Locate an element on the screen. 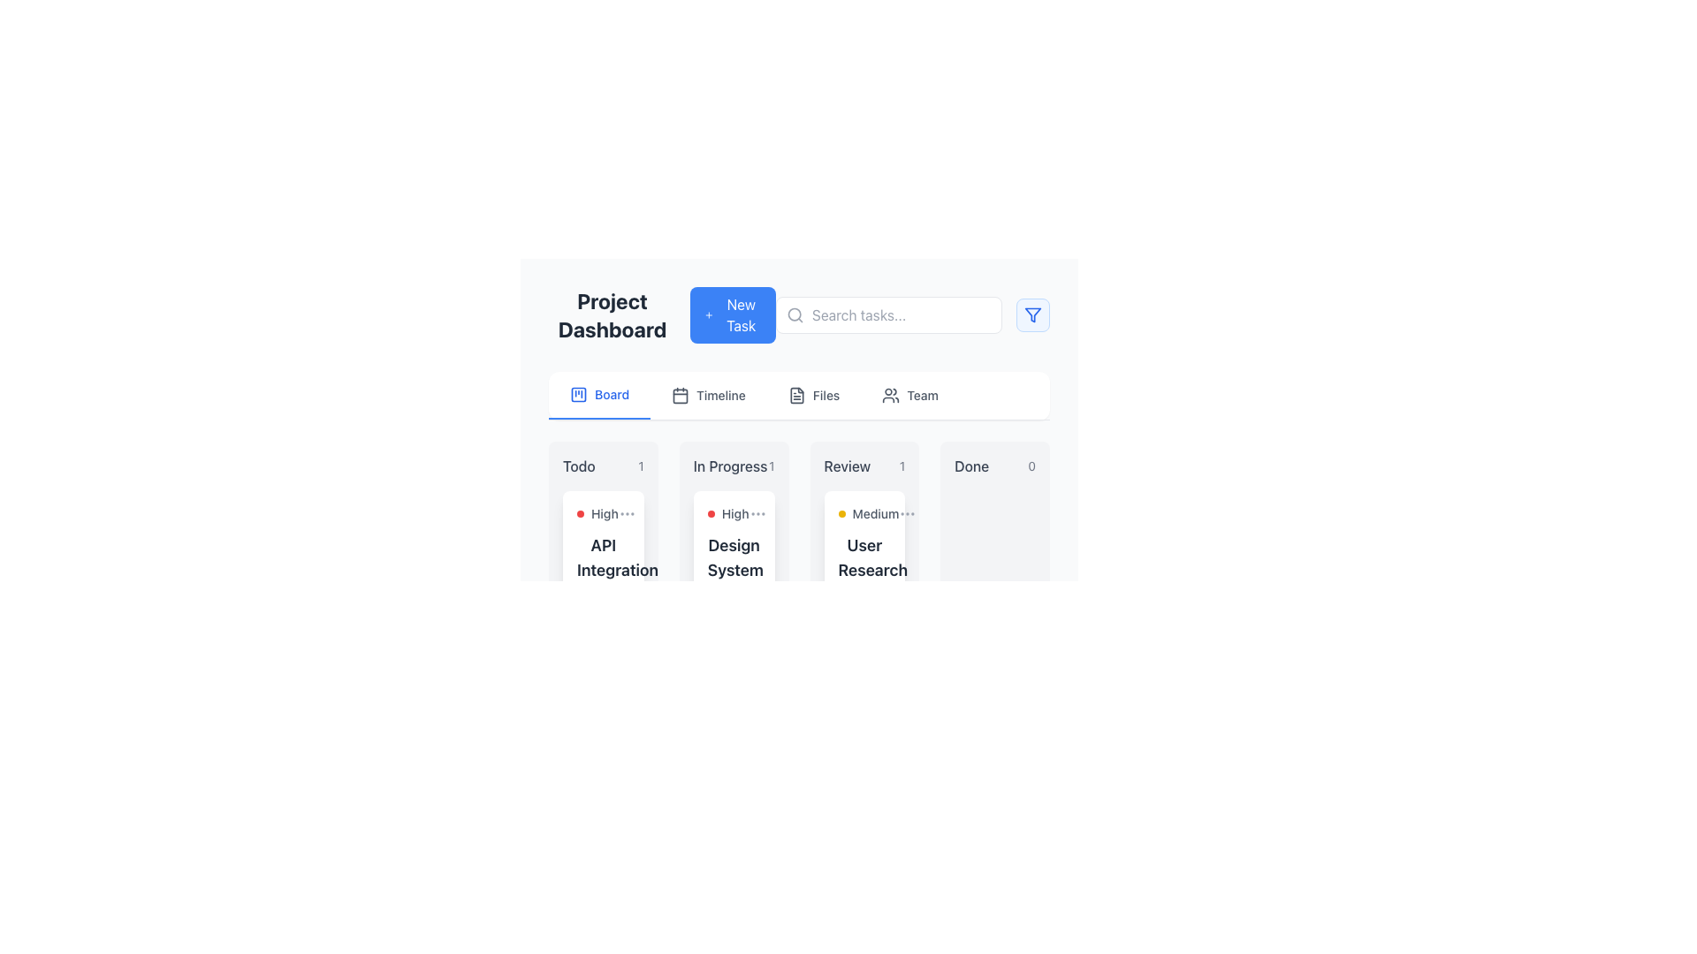 Image resolution: width=1697 pixels, height=954 pixels. the filter icon located is located at coordinates (1033, 314).